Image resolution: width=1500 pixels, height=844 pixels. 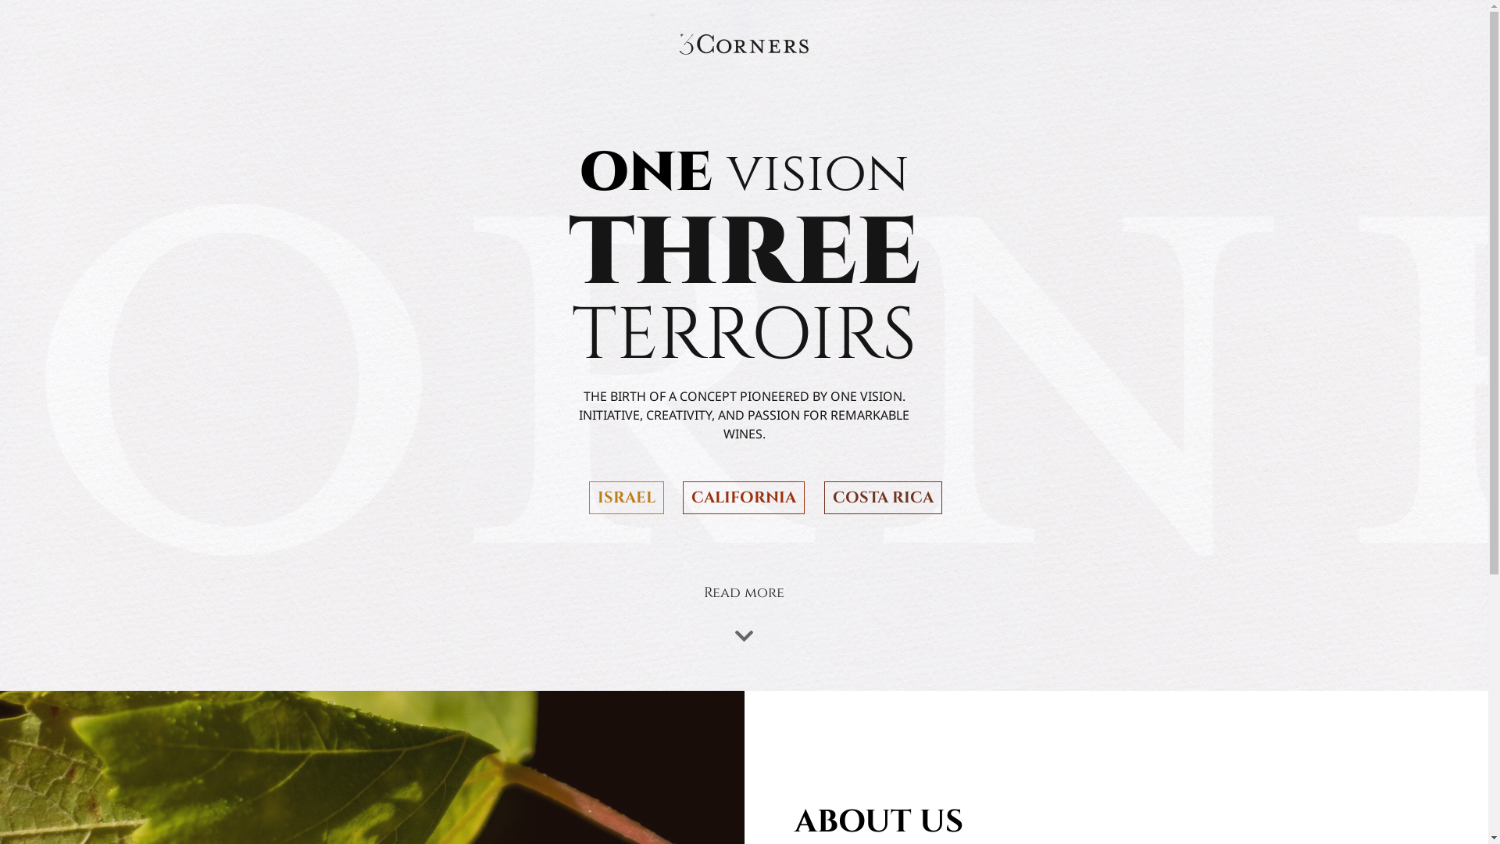 I want to click on 'COSTA RICA', so click(x=883, y=497).